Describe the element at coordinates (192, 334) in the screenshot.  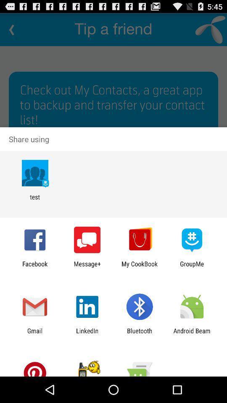
I see `the app to the right of bluetooth app` at that location.